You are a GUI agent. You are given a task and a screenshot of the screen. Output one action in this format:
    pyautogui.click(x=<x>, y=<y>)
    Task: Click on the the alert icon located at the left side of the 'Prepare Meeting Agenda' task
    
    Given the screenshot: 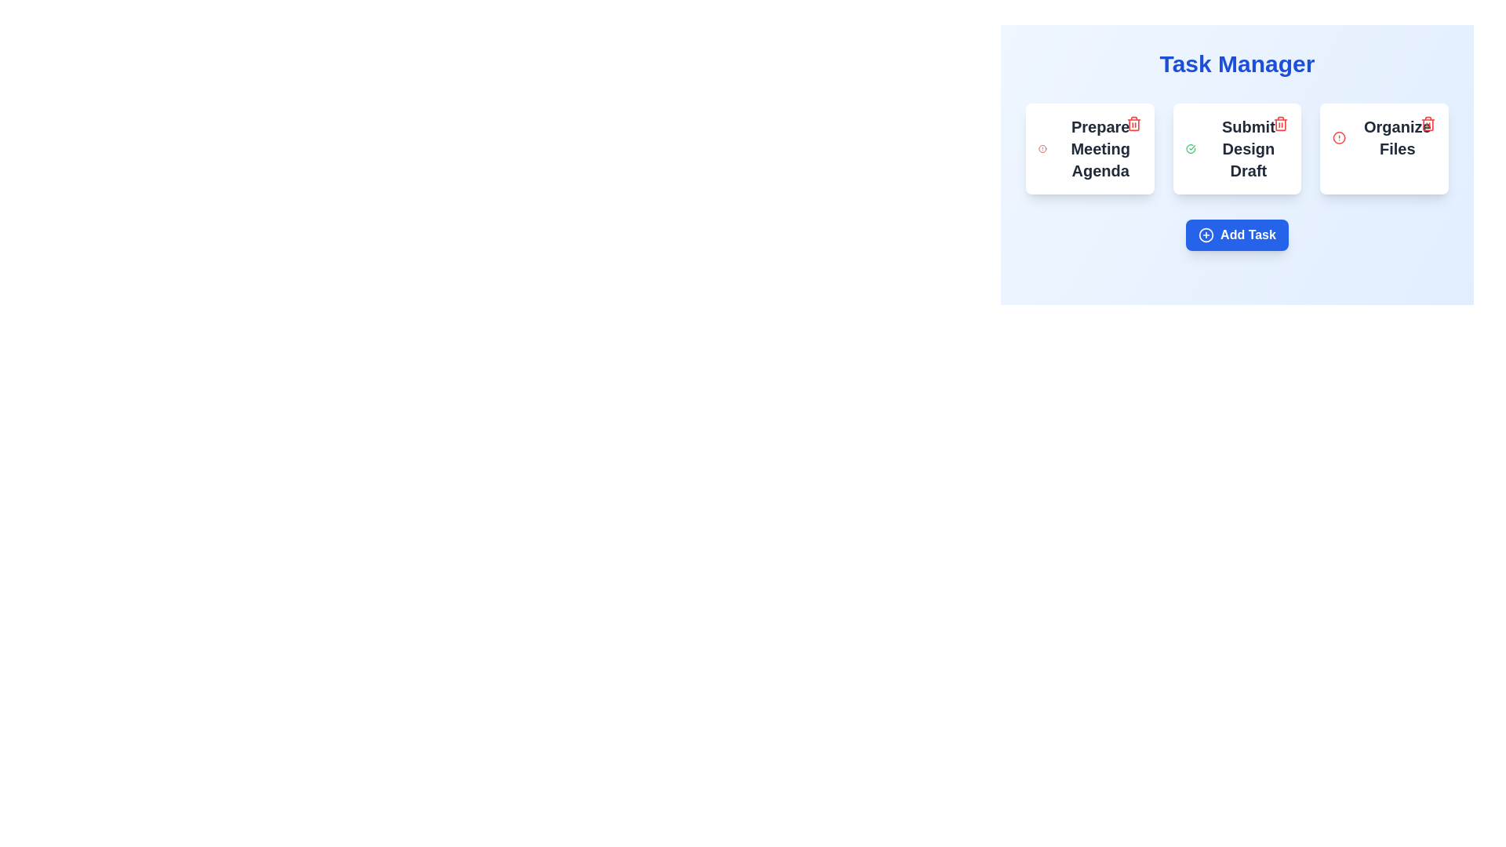 What is the action you would take?
    pyautogui.click(x=1042, y=148)
    